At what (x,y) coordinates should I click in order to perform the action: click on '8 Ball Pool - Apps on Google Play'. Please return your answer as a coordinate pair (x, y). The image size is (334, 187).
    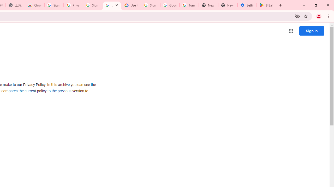
    Looking at the image, I should click on (266, 5).